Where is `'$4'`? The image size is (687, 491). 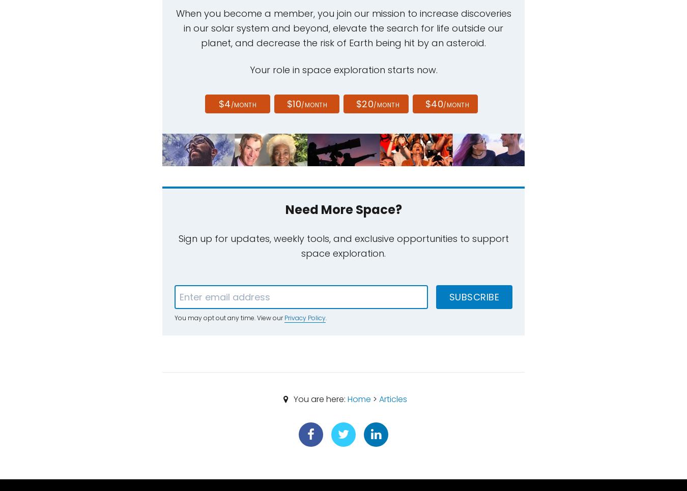 '$4' is located at coordinates (224, 103).